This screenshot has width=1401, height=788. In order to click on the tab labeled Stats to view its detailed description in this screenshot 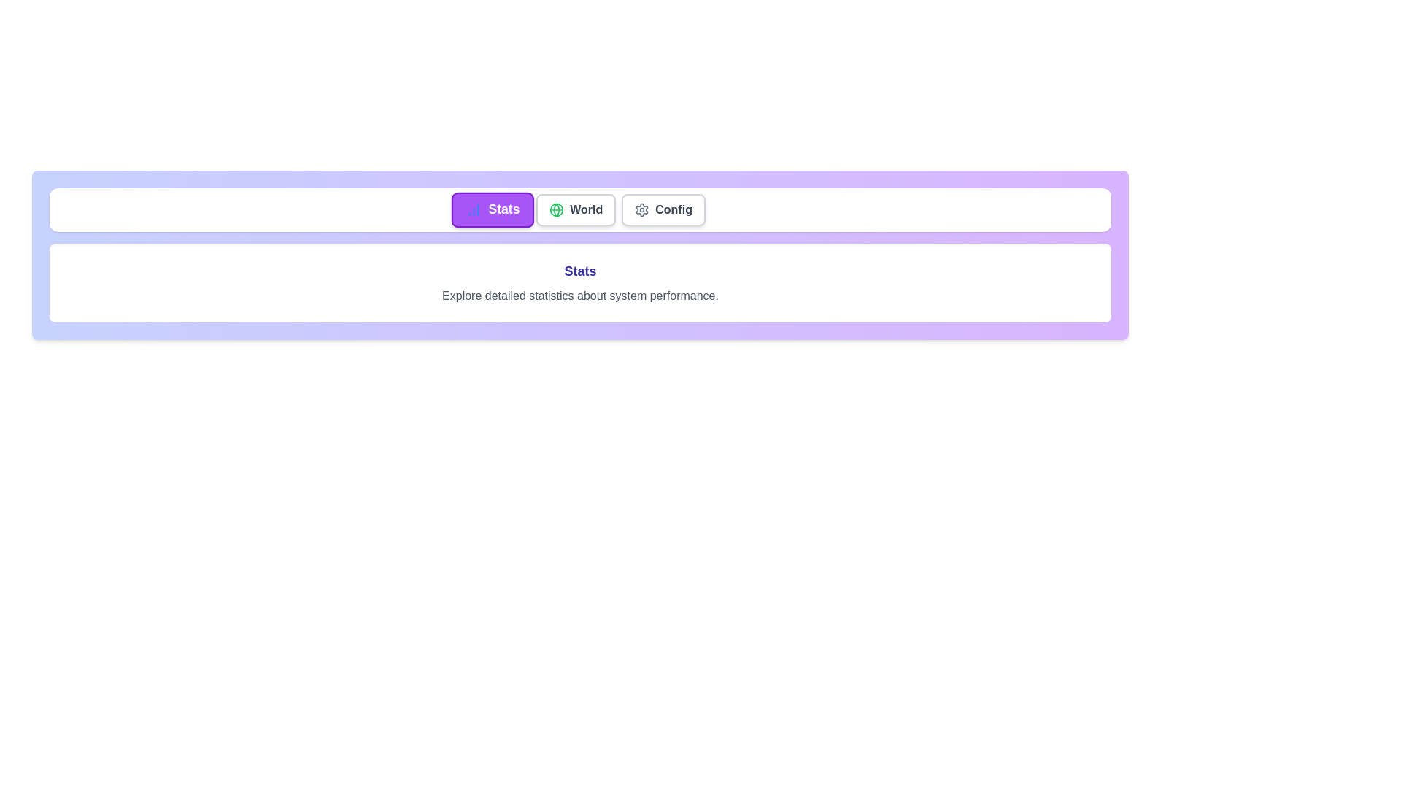, I will do `click(493, 210)`.